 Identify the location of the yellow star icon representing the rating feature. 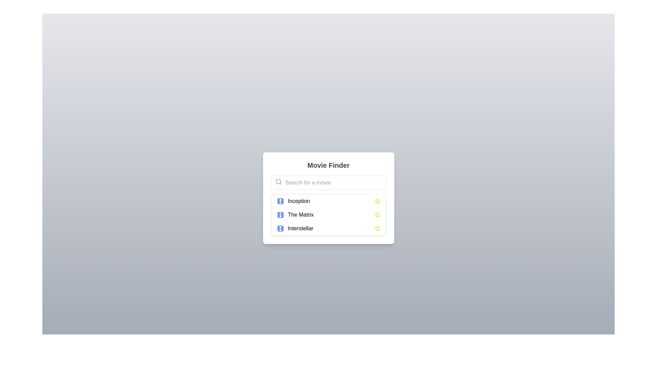
(377, 228).